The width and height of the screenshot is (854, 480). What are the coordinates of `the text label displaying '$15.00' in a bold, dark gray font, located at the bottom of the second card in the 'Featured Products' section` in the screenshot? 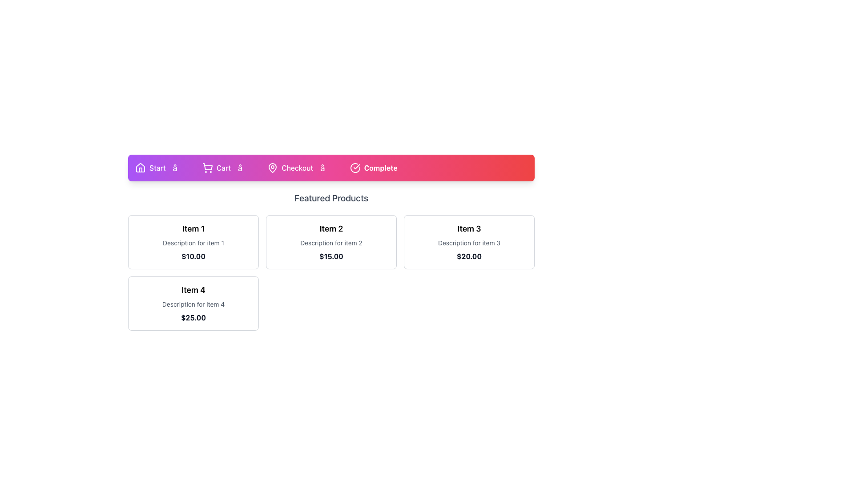 It's located at (330, 256).